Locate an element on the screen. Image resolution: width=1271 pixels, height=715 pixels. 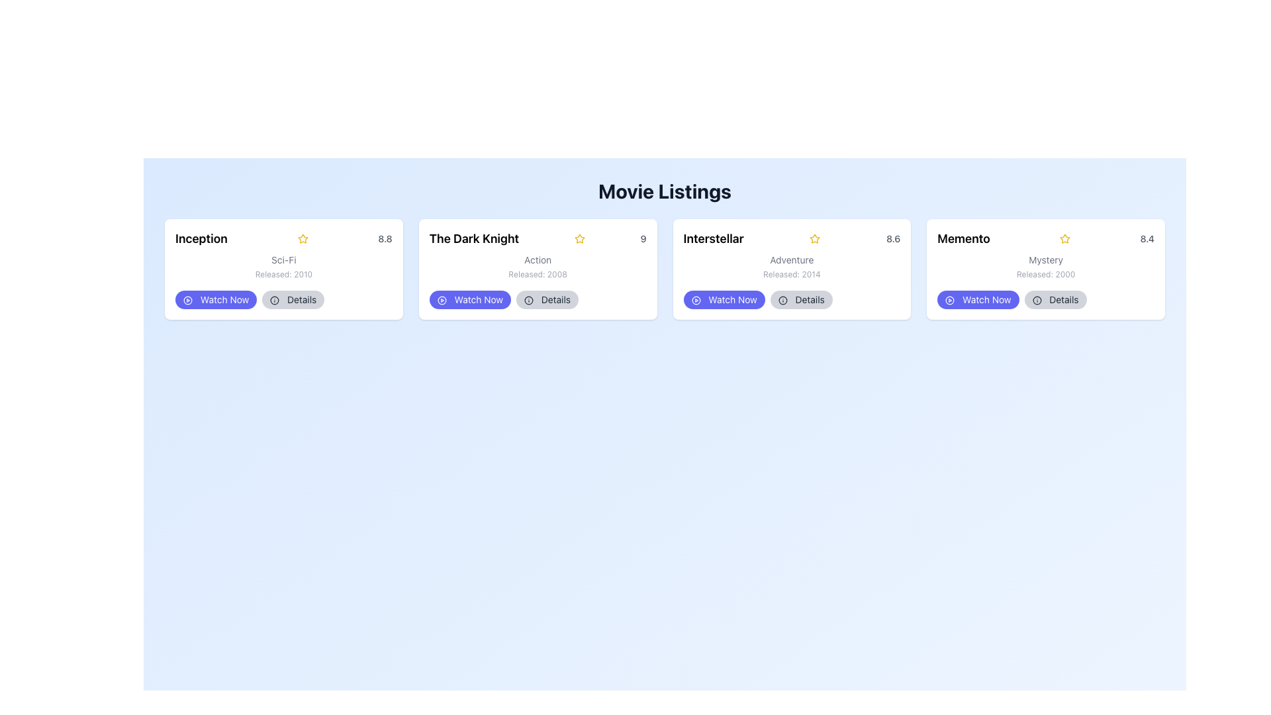
the 'Watch Now' button is located at coordinates (216, 299).